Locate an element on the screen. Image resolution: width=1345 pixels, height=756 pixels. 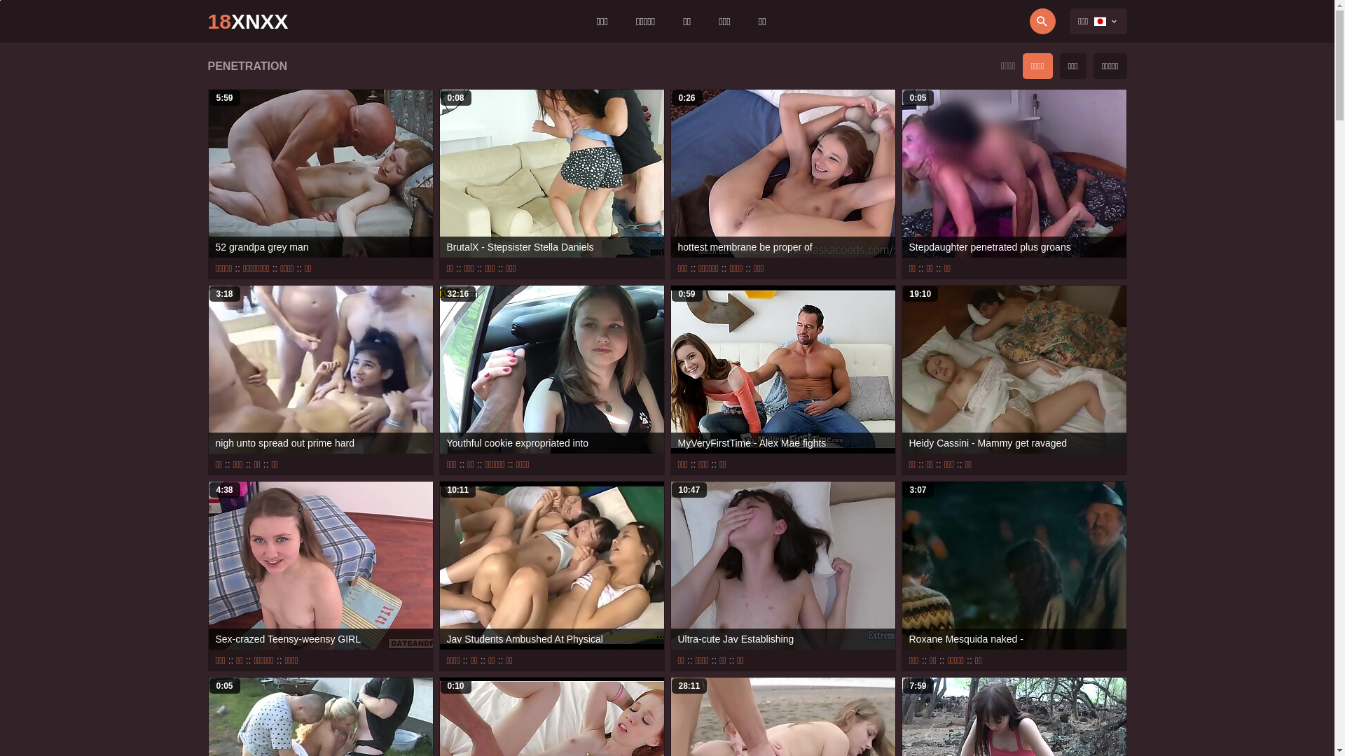
'0:26 is located at coordinates (782, 172).